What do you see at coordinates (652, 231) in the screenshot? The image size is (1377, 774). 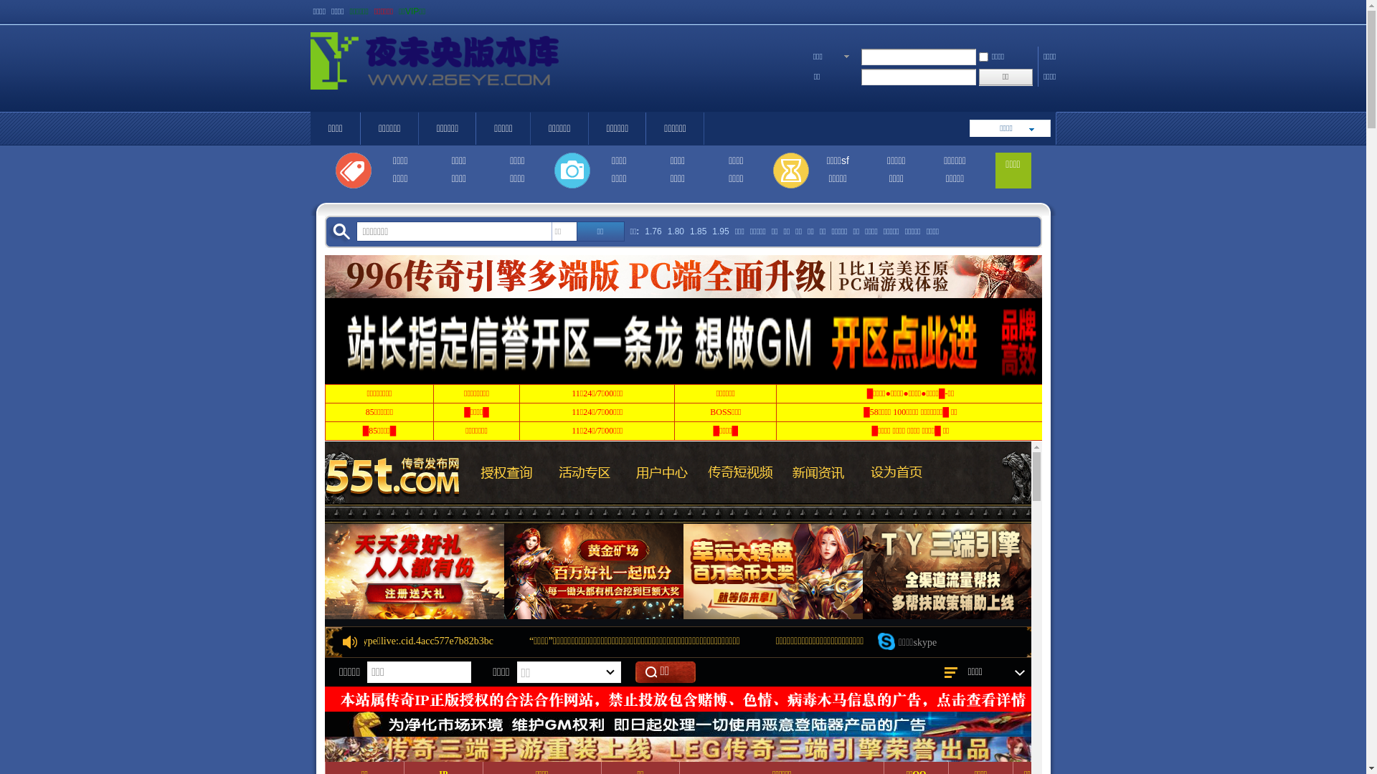 I see `'1.76'` at bounding box center [652, 231].